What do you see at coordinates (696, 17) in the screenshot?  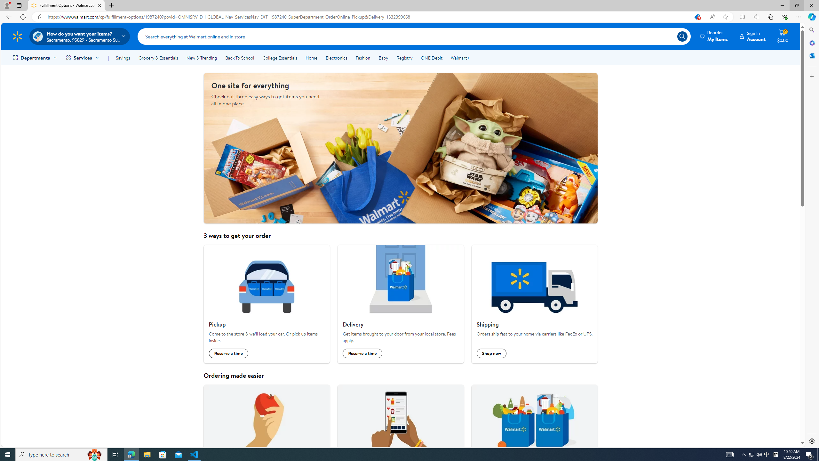 I see `'This site has coupons! Shopping in Microsoft Edge, 7'` at bounding box center [696, 17].